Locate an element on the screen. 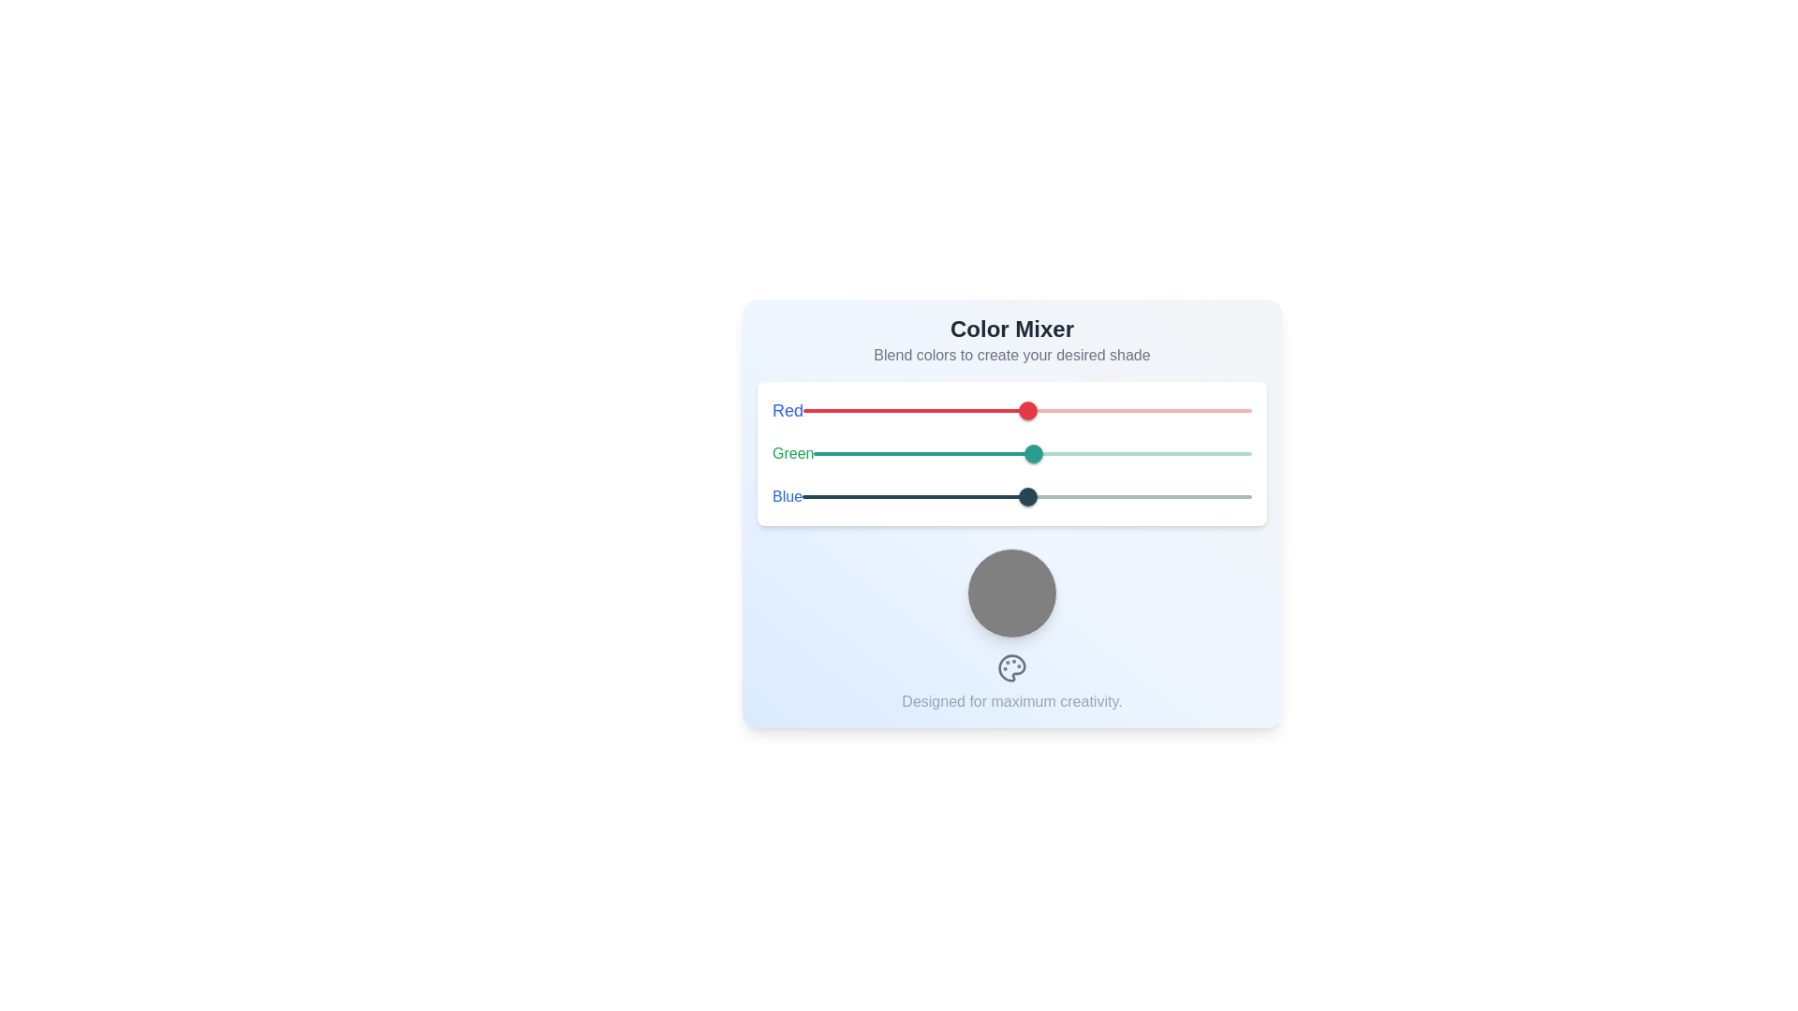  the green slider is located at coordinates (1029, 454).